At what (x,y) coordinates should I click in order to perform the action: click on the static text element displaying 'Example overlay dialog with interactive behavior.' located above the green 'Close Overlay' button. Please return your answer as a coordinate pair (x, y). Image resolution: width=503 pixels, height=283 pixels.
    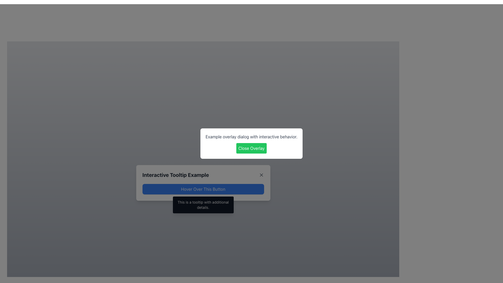
    Looking at the image, I should click on (251, 136).